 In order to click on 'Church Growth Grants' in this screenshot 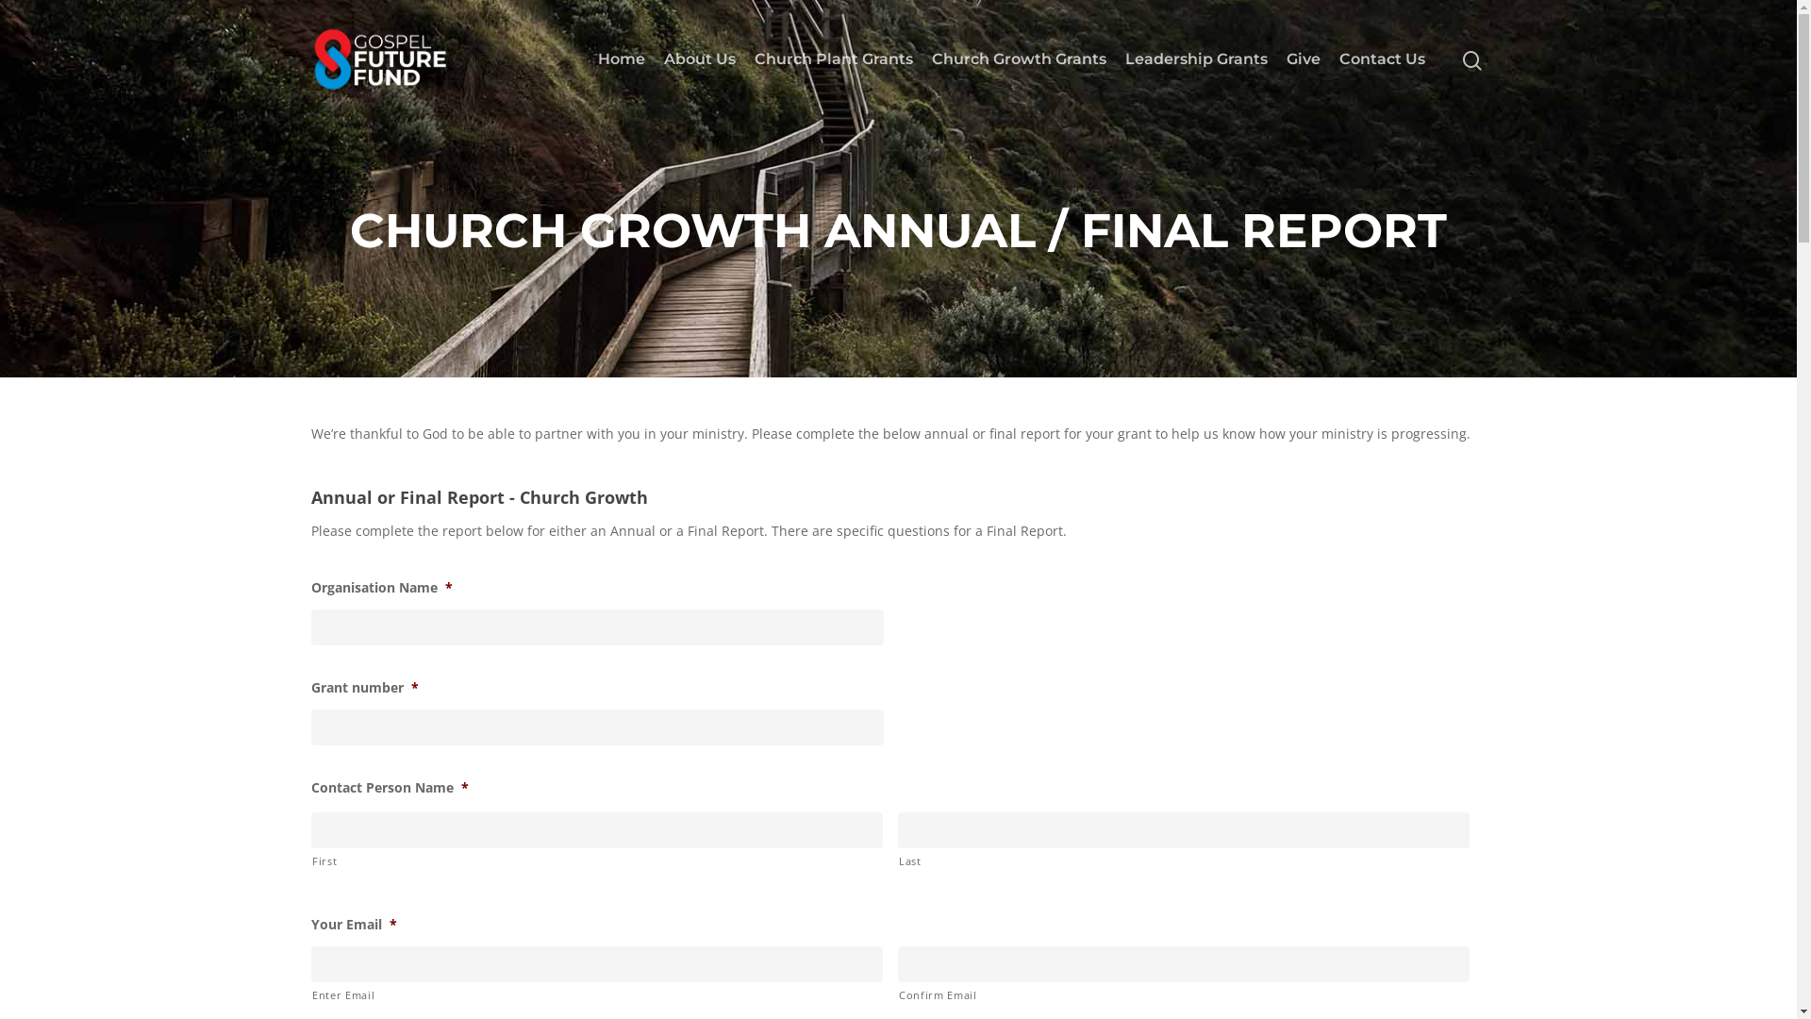, I will do `click(1018, 58)`.